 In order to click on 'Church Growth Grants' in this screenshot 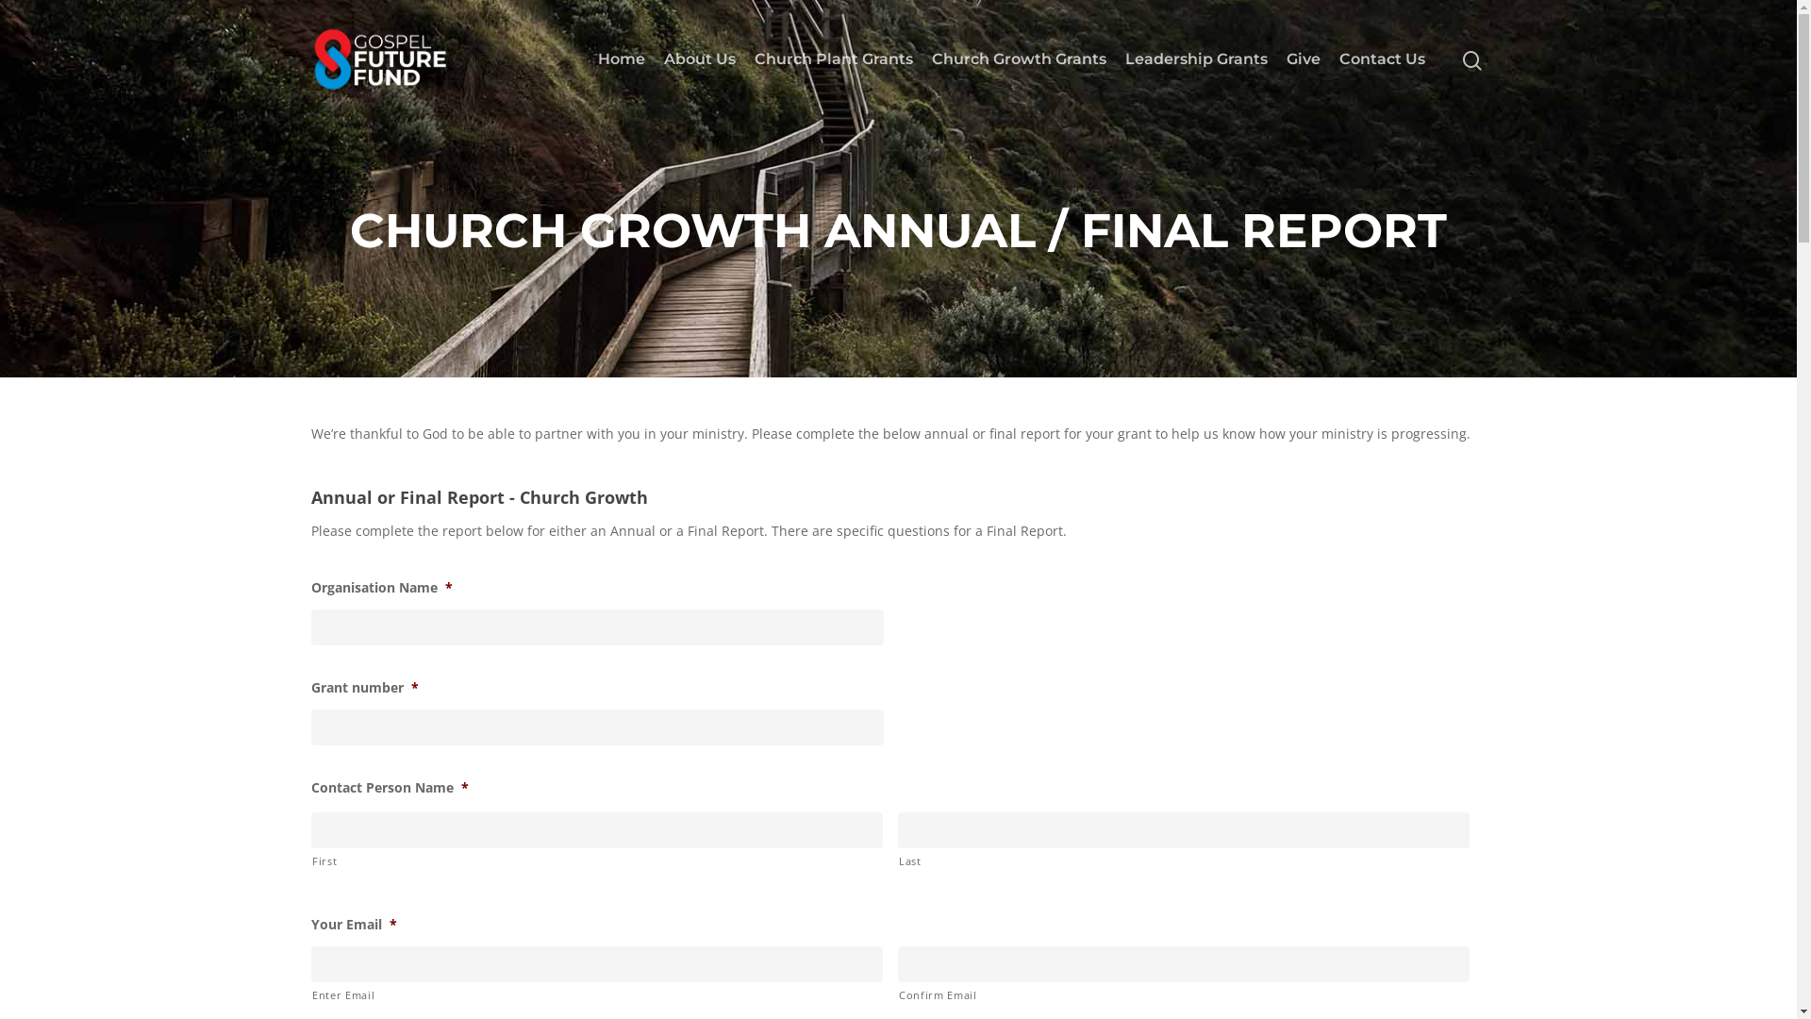, I will do `click(1018, 58)`.